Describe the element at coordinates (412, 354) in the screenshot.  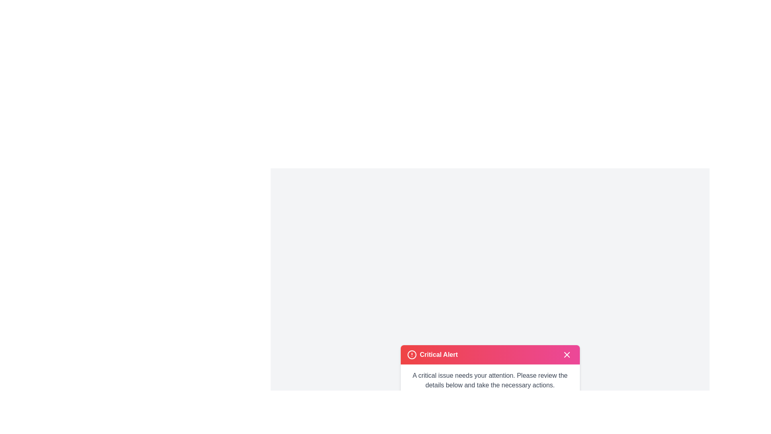
I see `the red circular icon with a white border that is part of the notification badge preceding the text 'Critical Alert'` at that location.